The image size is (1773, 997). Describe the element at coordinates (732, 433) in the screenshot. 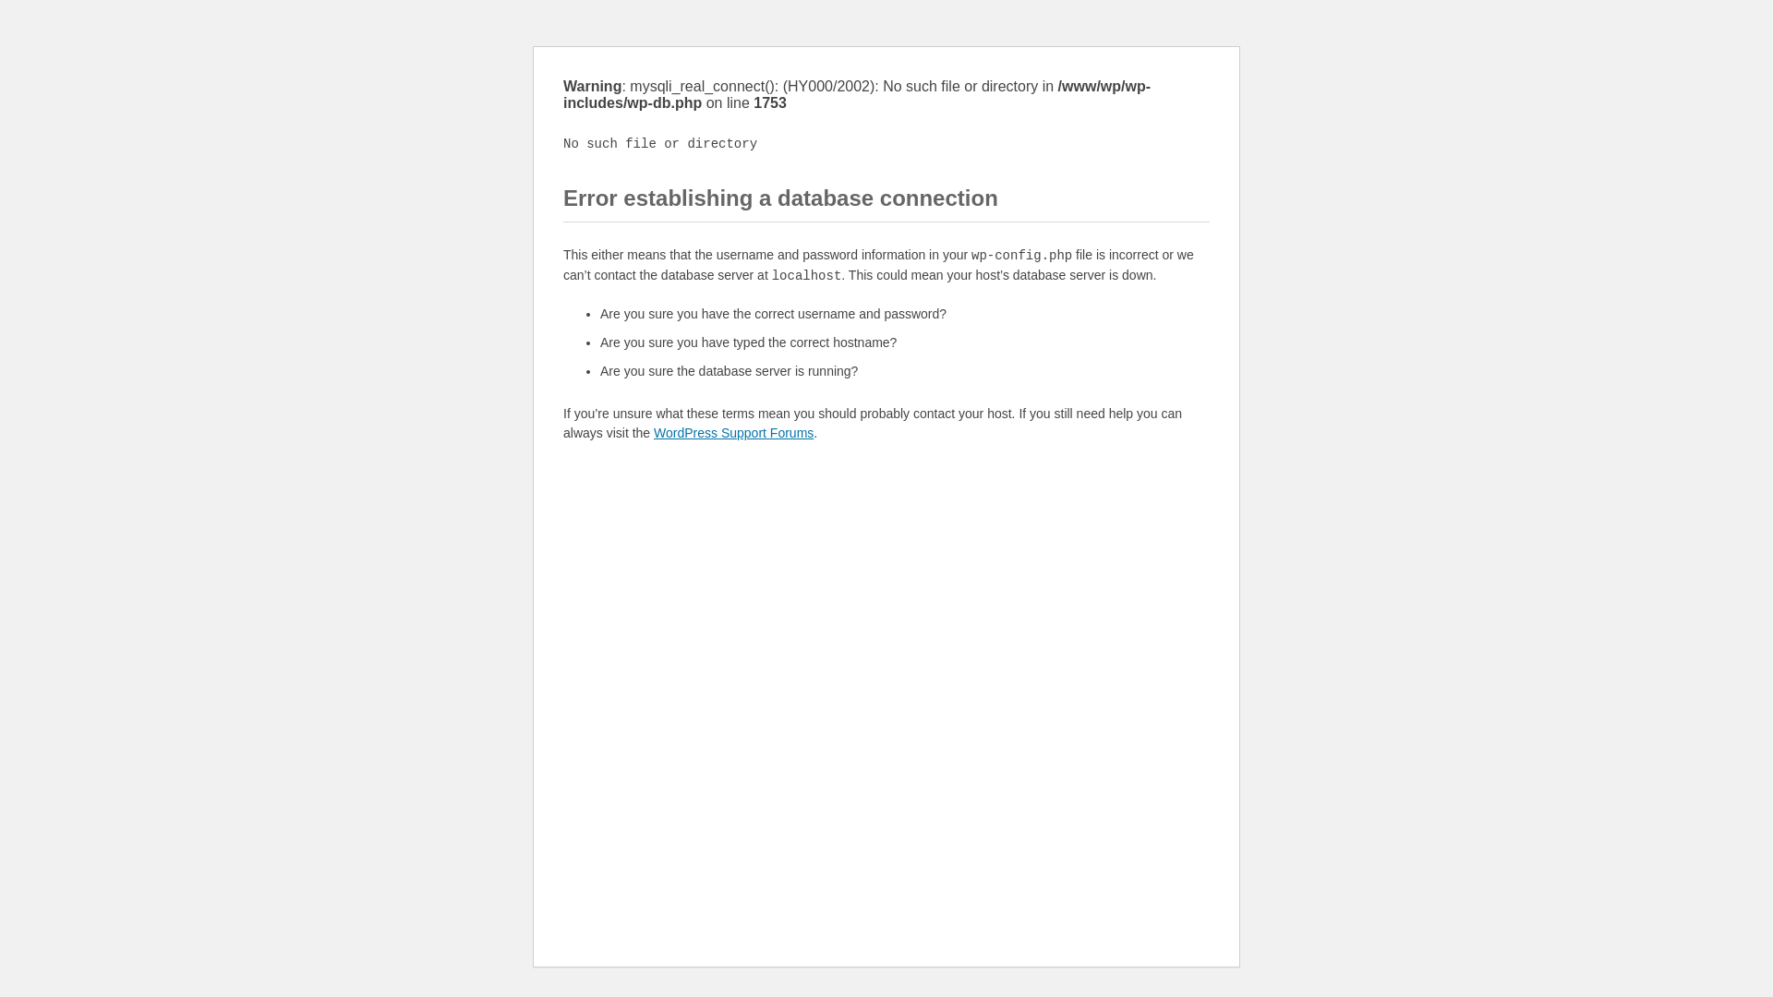

I see `'WordPress Support Forums'` at that location.